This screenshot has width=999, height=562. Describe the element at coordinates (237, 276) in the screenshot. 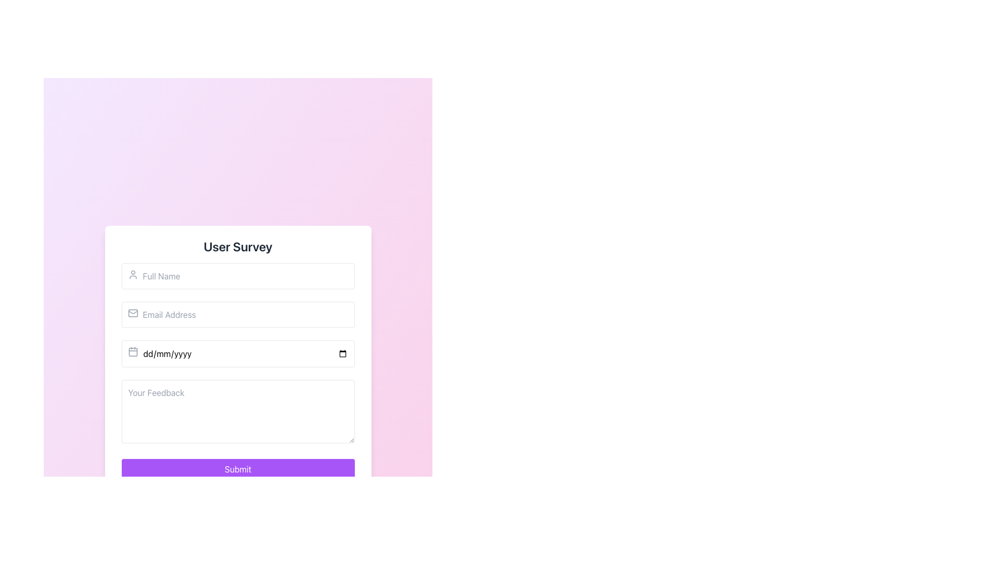

I see `the first input field for entering the full name in the User Survey form` at that location.